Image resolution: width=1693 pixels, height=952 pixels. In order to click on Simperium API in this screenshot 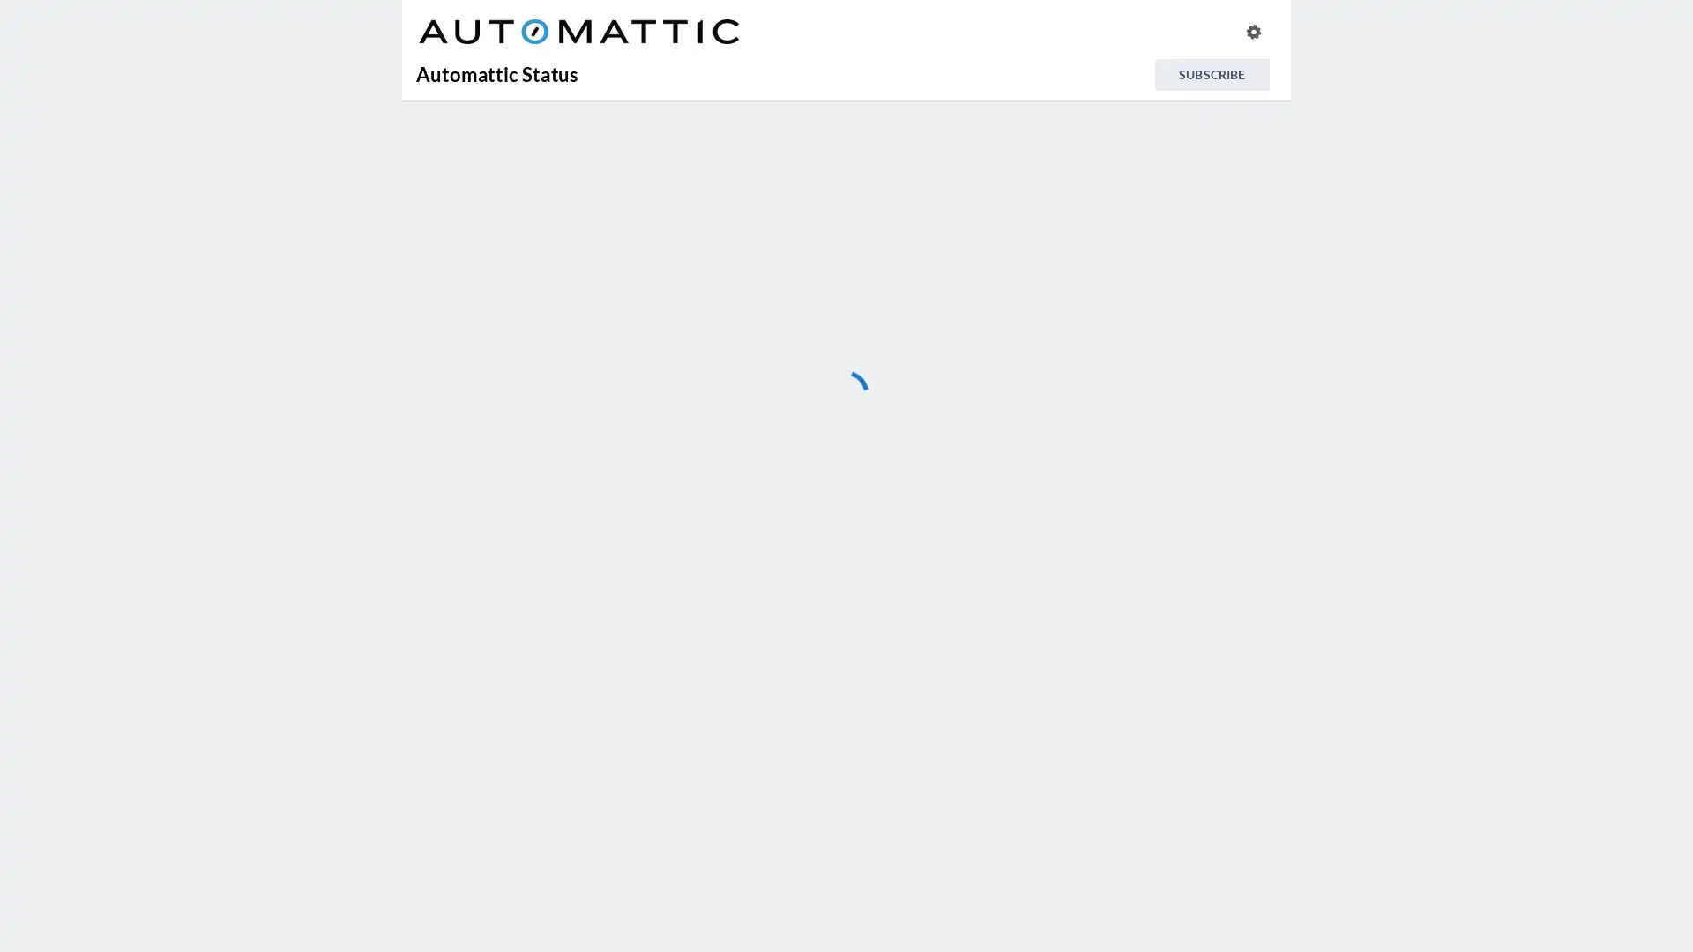, I will do `click(739, 879)`.